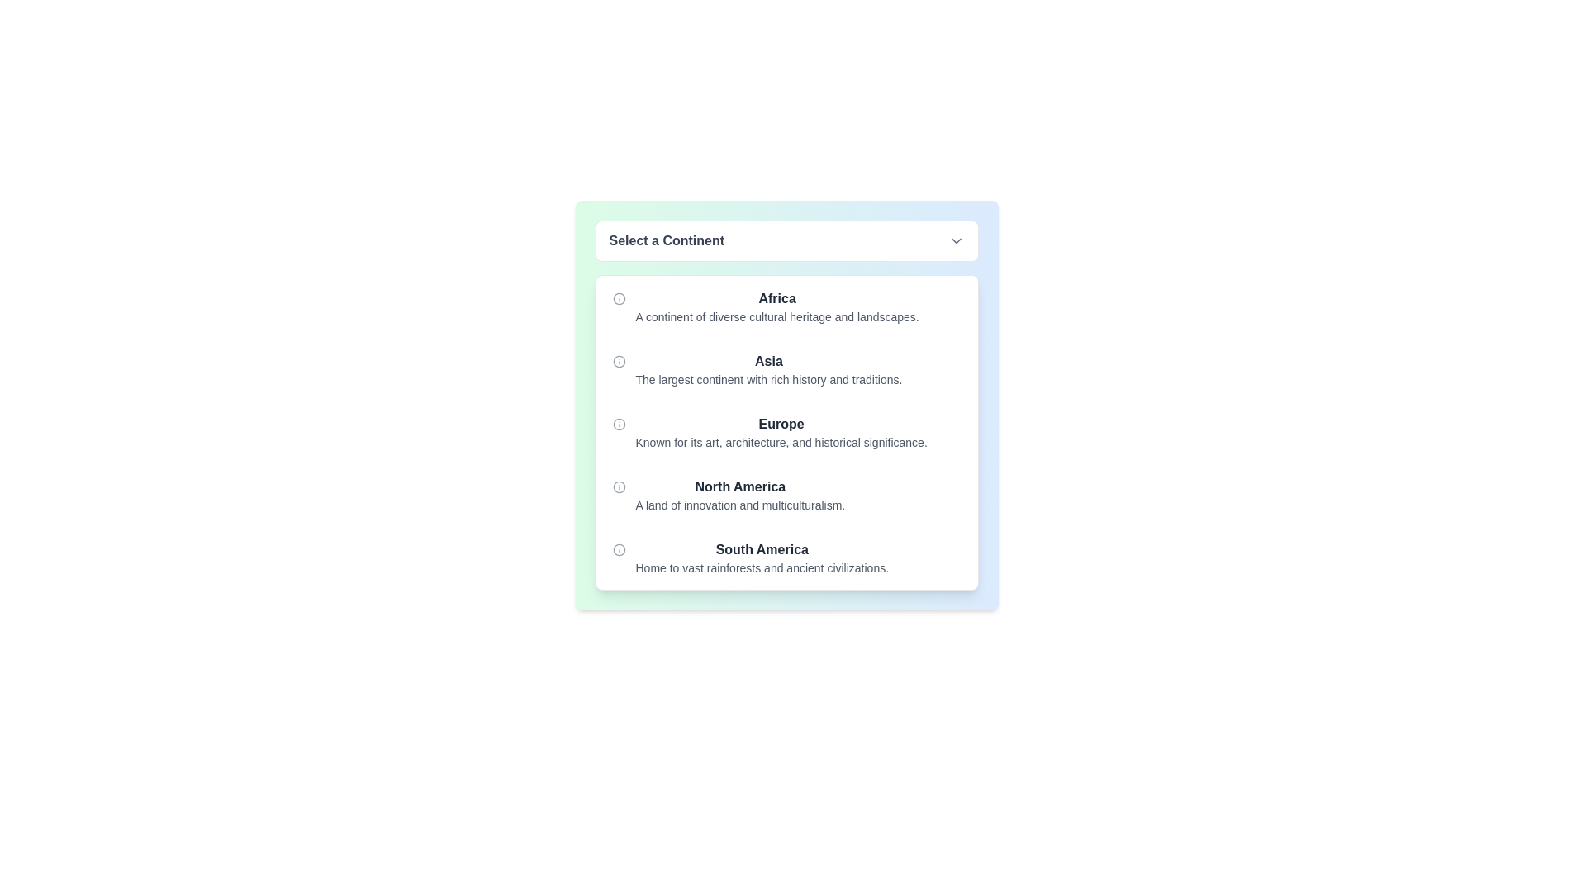  Describe the element at coordinates (761, 550) in the screenshot. I see `bolded text label 'South America' located in the selectable list box titled 'Select a Continent'` at that location.